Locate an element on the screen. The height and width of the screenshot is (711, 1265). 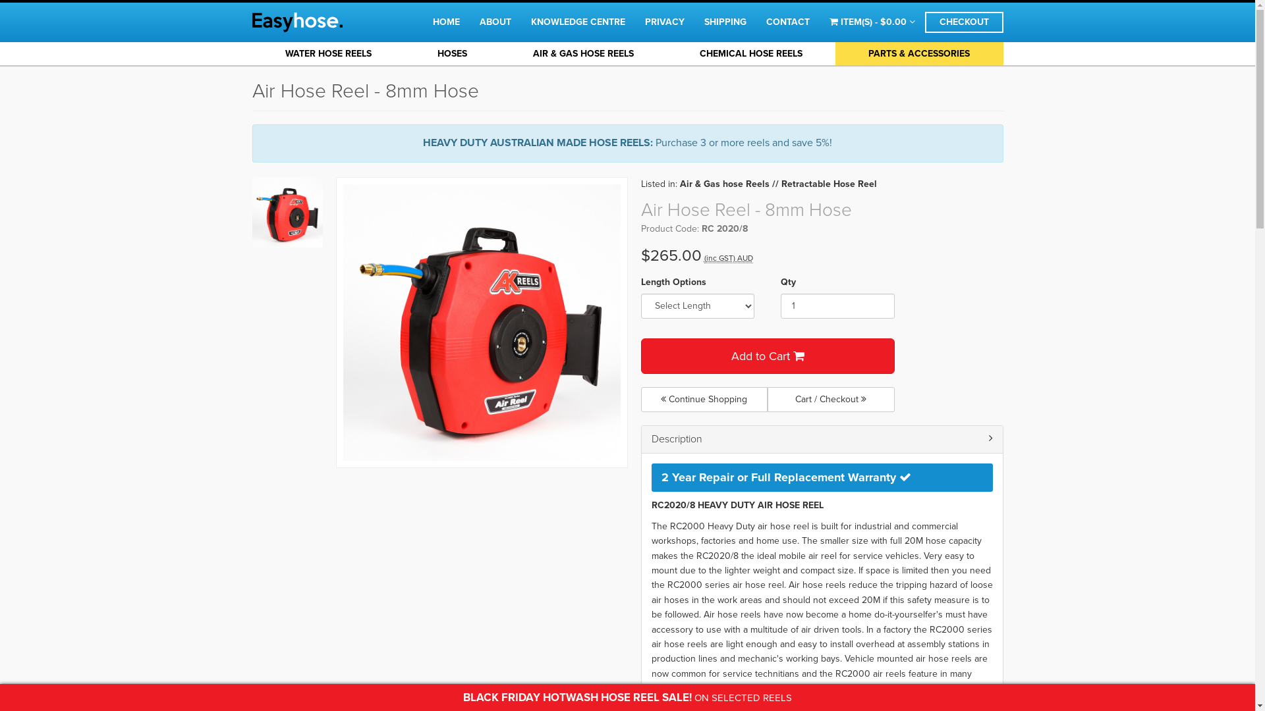
'CHECKOUT' is located at coordinates (964, 22).